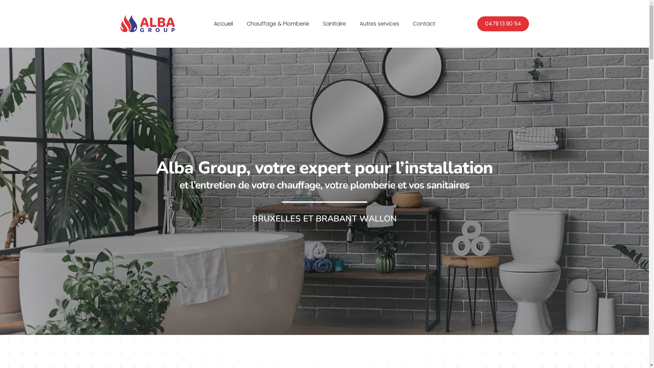  I want to click on 'Chauffage & Plomberie', so click(278, 23).